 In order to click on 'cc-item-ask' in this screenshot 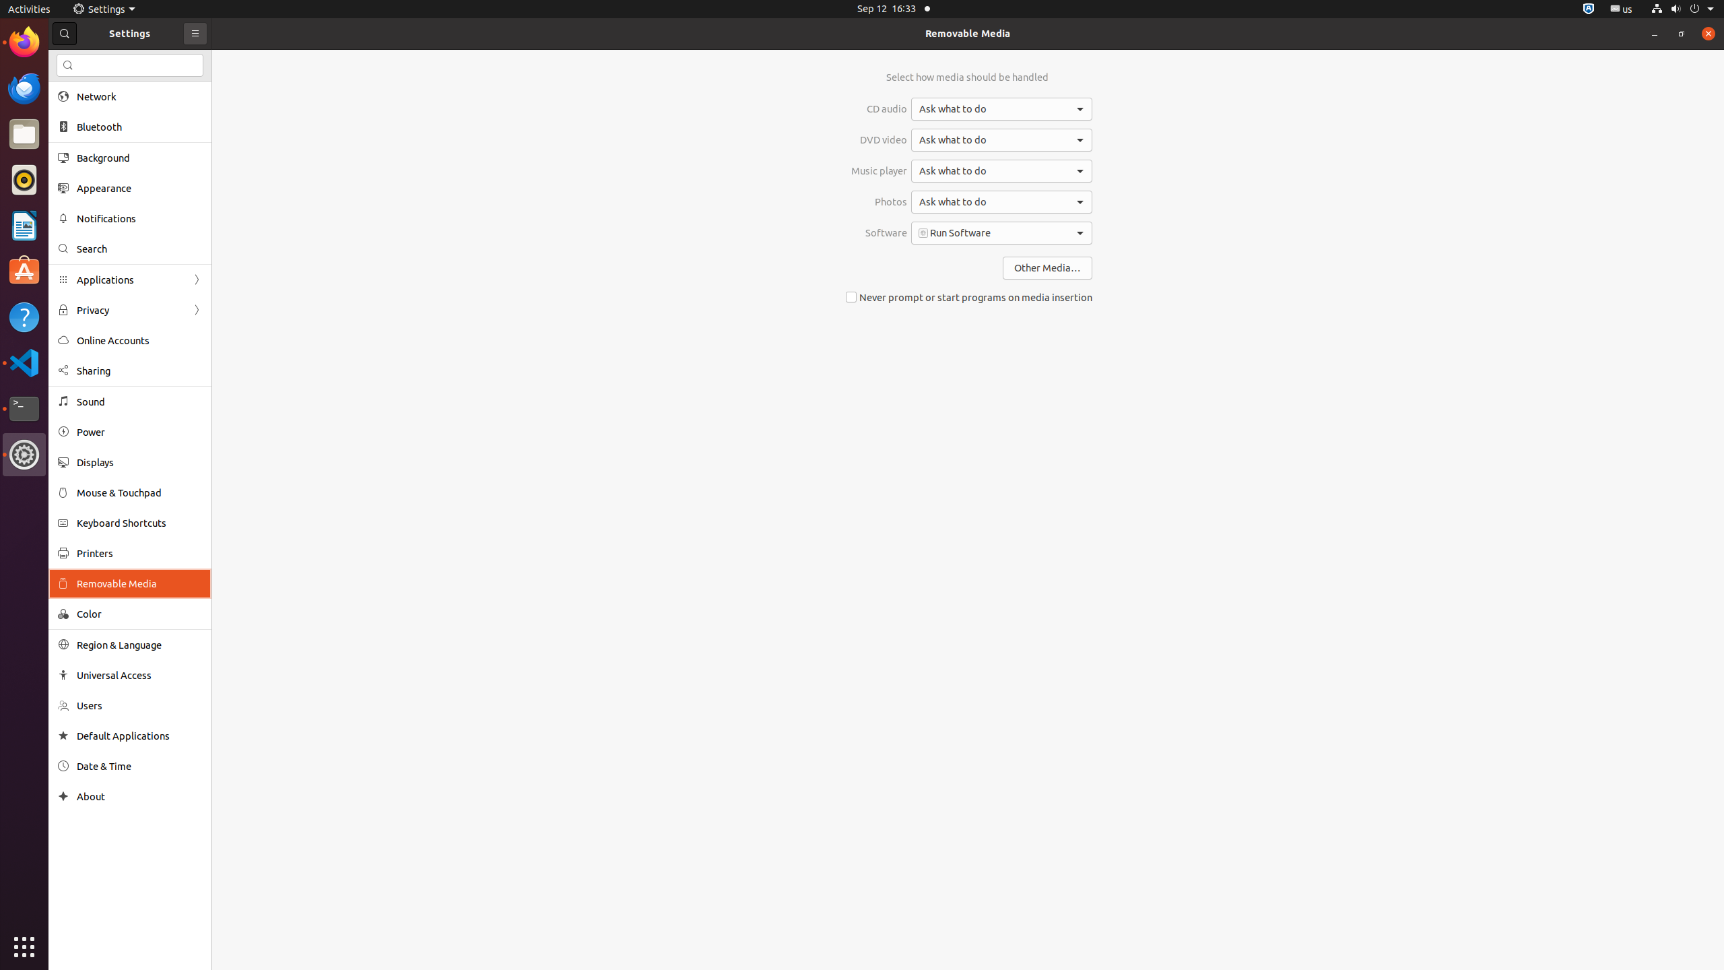, I will do `click(1001, 108)`.